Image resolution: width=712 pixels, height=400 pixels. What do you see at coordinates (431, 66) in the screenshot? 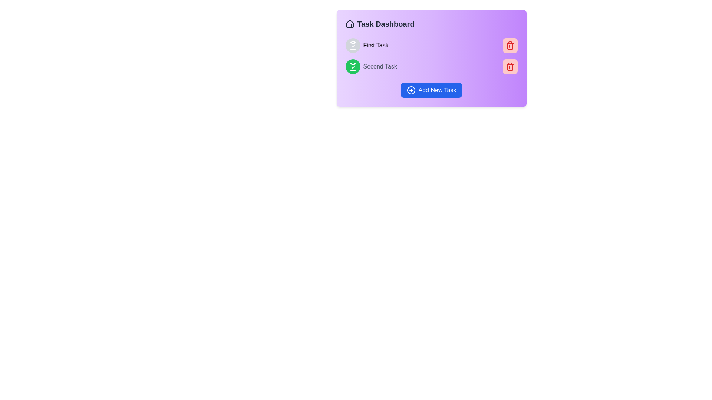
I see `the completed task item in the task list, which is the second item from the top` at bounding box center [431, 66].